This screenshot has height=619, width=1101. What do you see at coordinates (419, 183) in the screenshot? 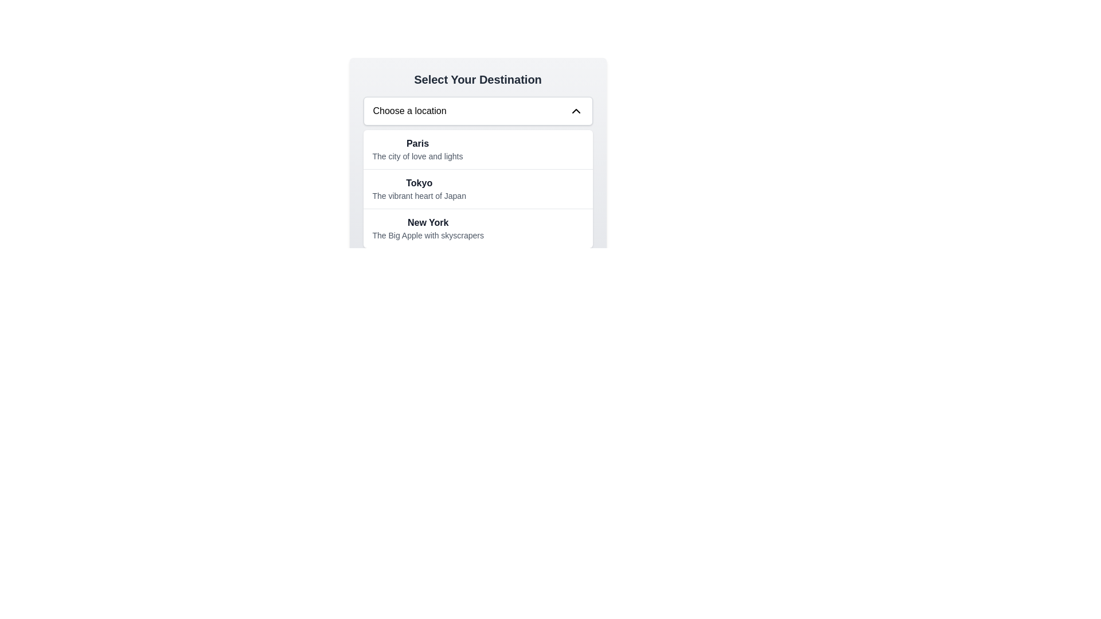
I see `the bold text label 'Tokyo'` at bounding box center [419, 183].